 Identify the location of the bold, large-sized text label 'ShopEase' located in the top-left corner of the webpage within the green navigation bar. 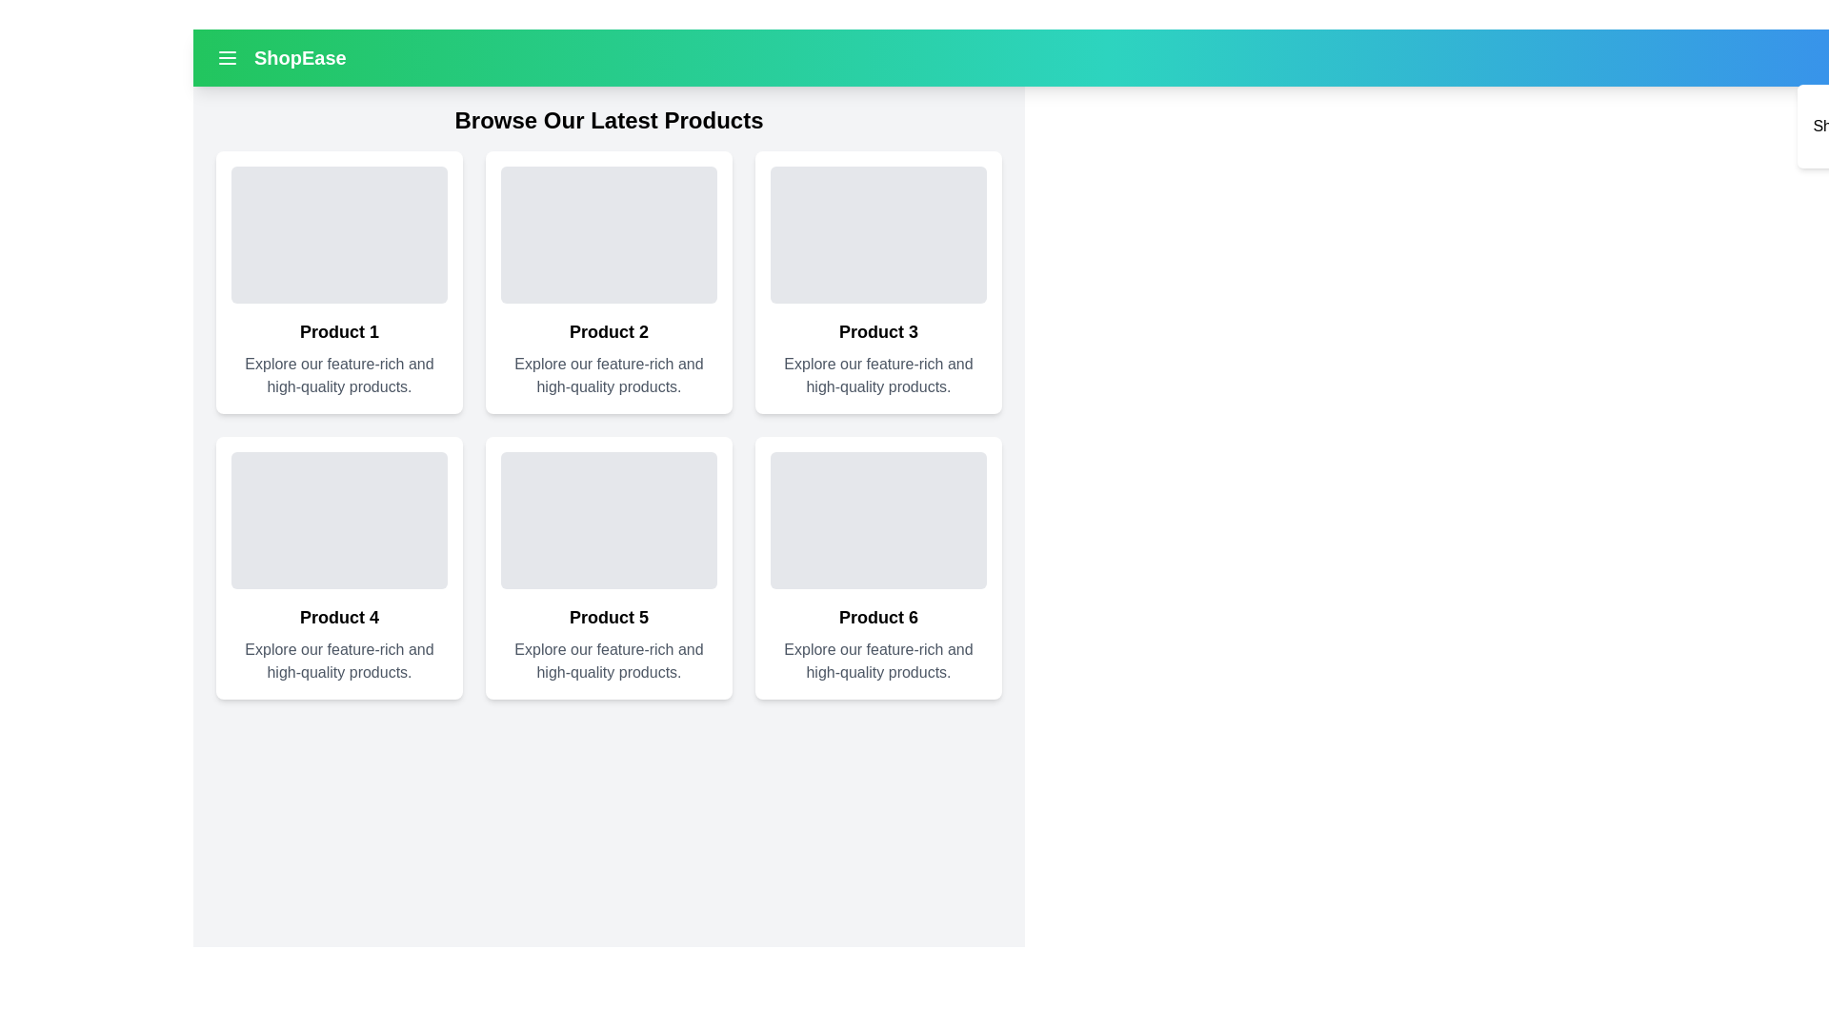
(299, 57).